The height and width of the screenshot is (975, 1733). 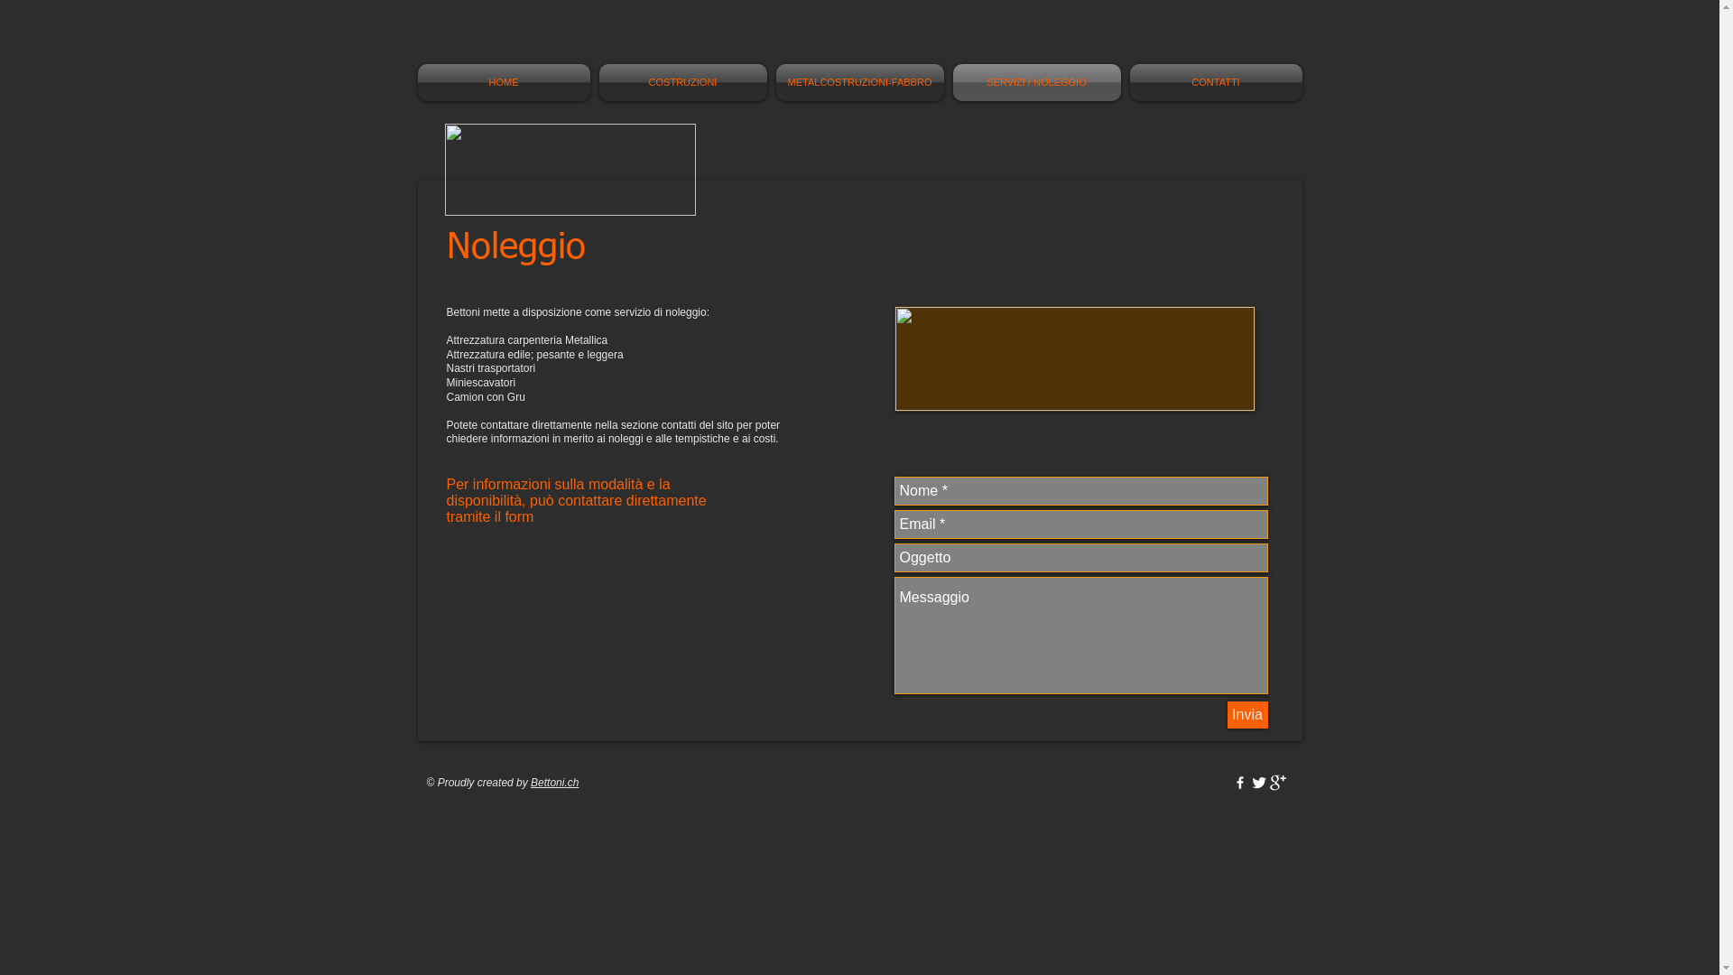 I want to click on 'COSTRUZIONI', so click(x=593, y=82).